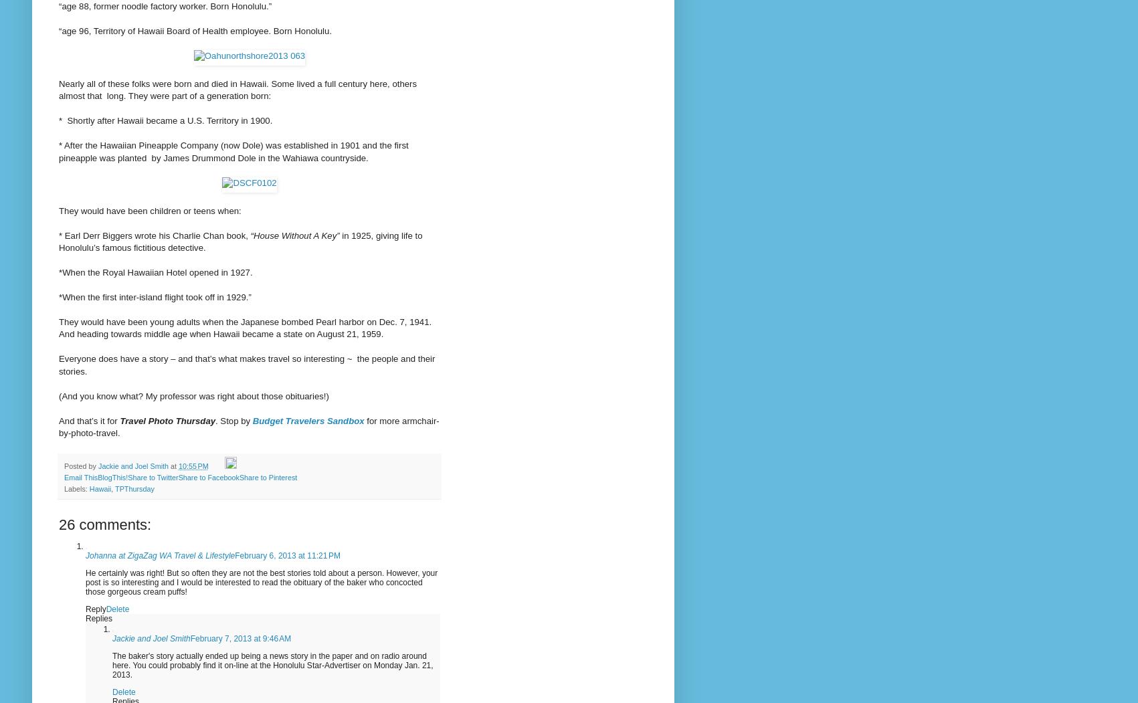 This screenshot has height=703, width=1138. What do you see at coordinates (114, 488) in the screenshot?
I see `'TPThursday'` at bounding box center [114, 488].